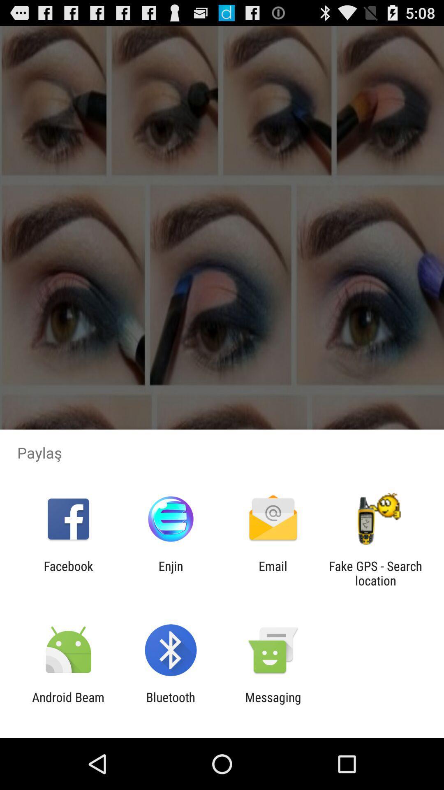 The width and height of the screenshot is (444, 790). What do you see at coordinates (68, 704) in the screenshot?
I see `android beam icon` at bounding box center [68, 704].